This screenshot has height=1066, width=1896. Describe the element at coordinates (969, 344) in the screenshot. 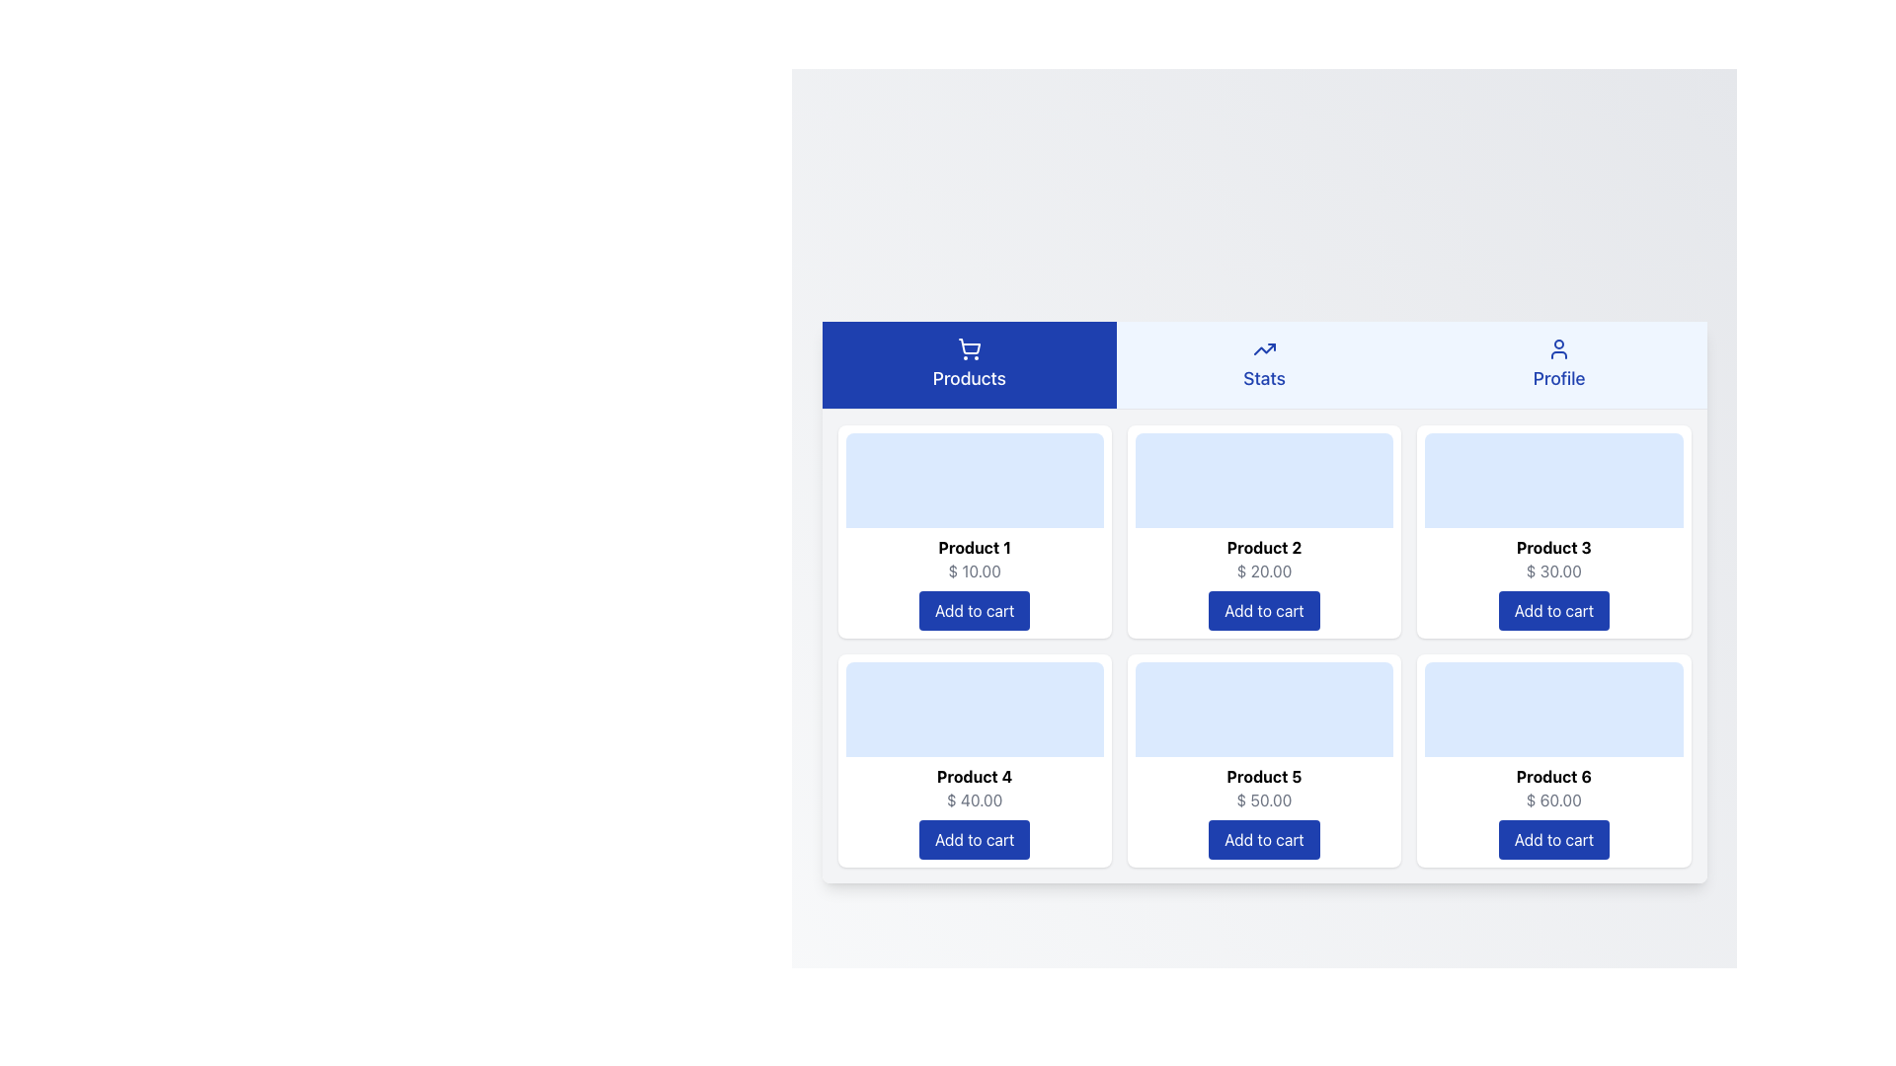

I see `the shopping cart icon located in the 'Products' tab section at the top of the page, which features a blue background and is the leftmost tab among three tabs` at that location.